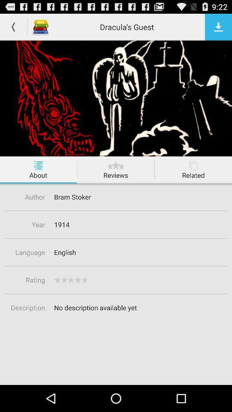 This screenshot has height=412, width=232. What do you see at coordinates (218, 29) in the screenshot?
I see `the file_download icon` at bounding box center [218, 29].